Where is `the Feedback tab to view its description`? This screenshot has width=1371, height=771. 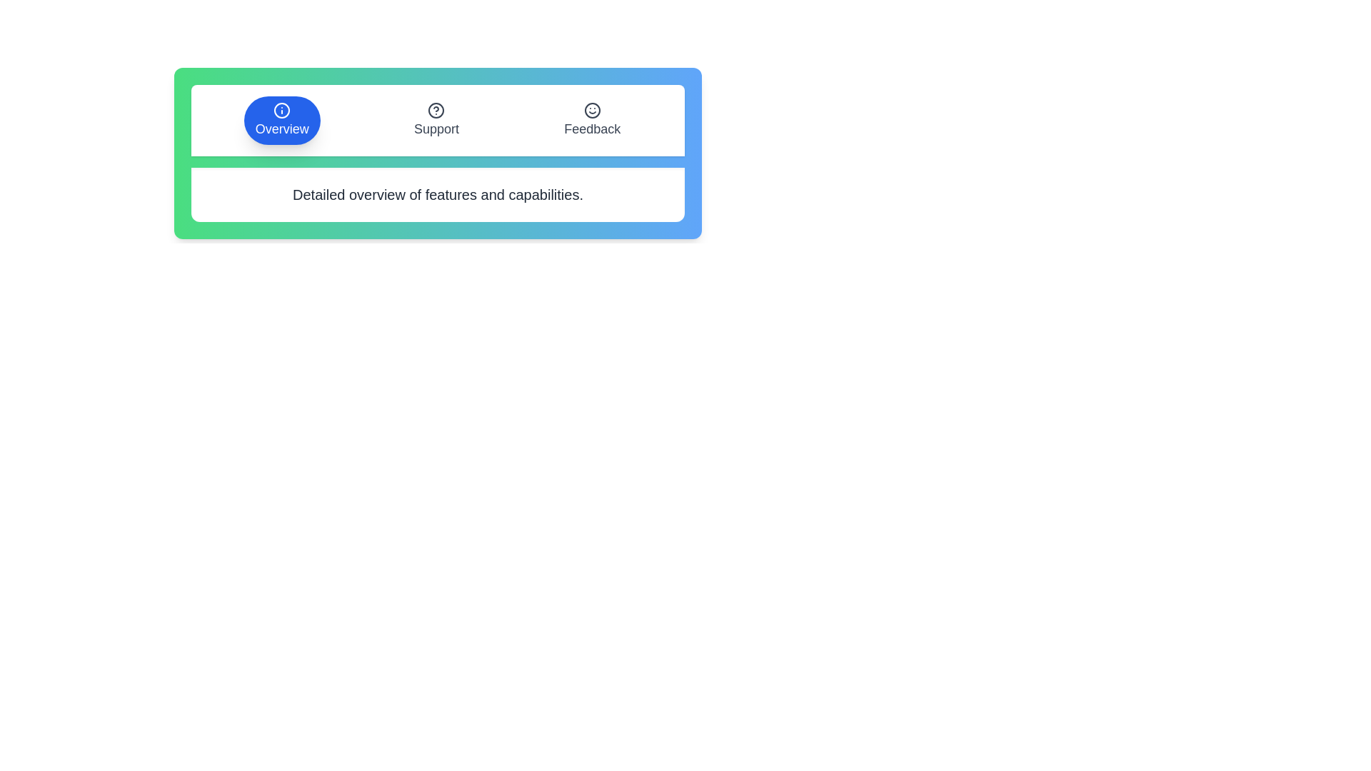
the Feedback tab to view its description is located at coordinates (592, 120).